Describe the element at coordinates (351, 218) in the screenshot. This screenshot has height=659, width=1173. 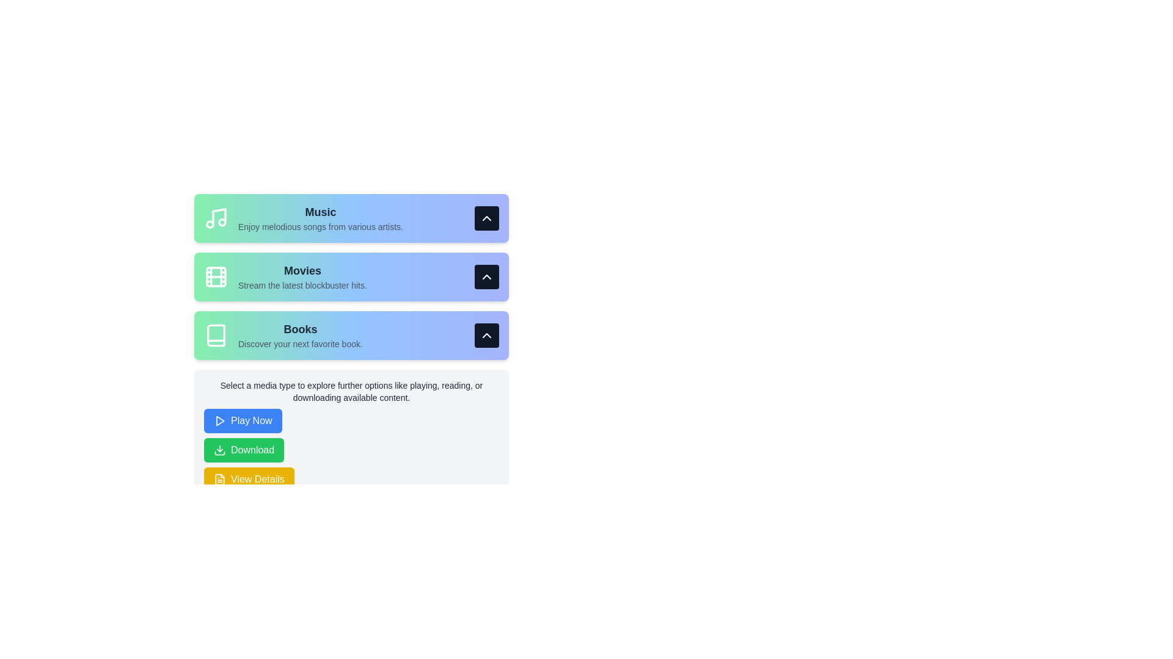
I see `the Informational panel that introduces the 'Music' section, which is the topmost panel in the media options layout` at that location.